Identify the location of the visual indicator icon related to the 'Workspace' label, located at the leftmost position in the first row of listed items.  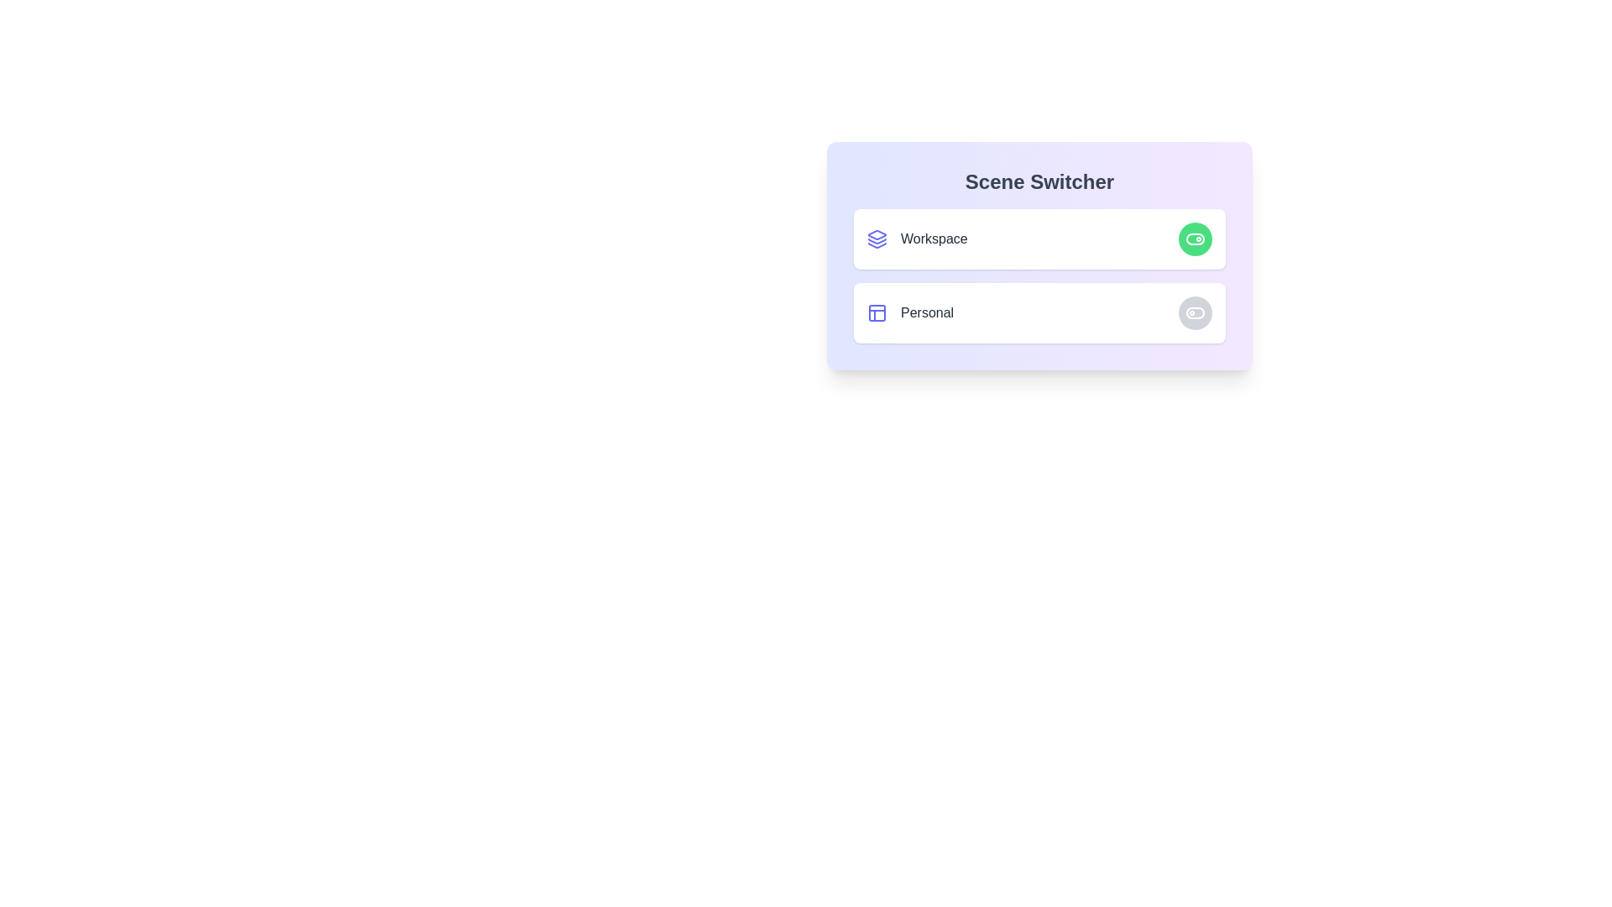
(877, 239).